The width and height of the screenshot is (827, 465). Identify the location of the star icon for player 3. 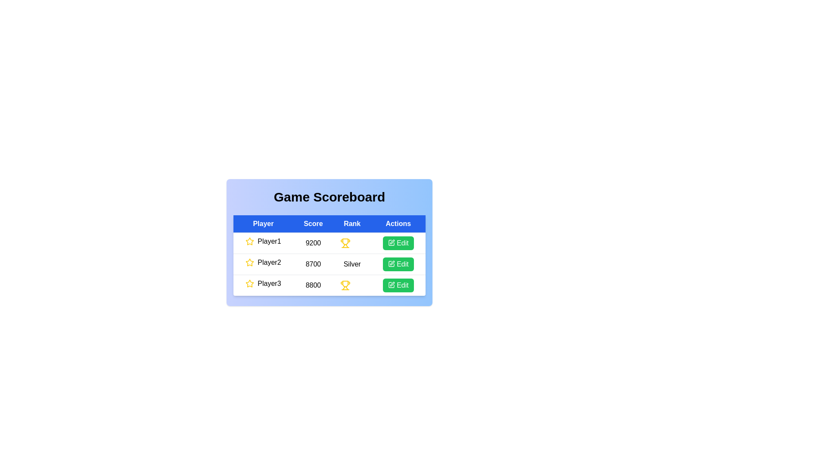
(249, 284).